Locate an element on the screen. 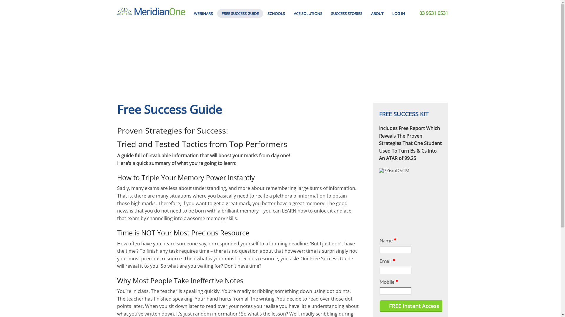 The width and height of the screenshot is (565, 317). 'SCHOOLS' is located at coordinates (276, 13).